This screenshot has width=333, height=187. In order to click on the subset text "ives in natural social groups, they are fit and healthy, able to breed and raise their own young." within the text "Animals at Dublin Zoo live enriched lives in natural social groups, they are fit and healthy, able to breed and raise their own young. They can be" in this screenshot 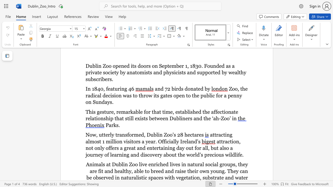, I will do `click(171, 164)`.